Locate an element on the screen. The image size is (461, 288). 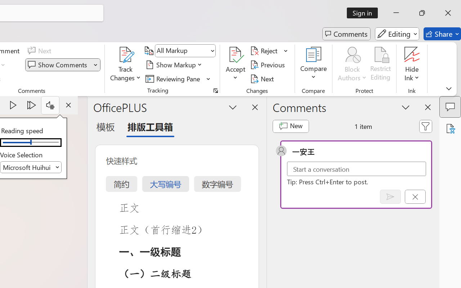
'Reading speed' is located at coordinates (30, 142).